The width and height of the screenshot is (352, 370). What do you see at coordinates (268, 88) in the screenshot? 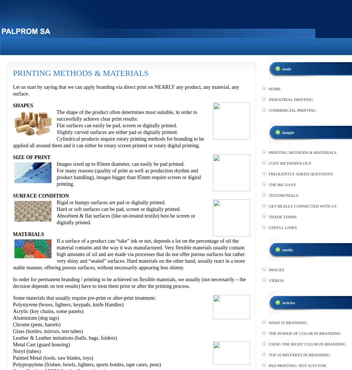
I see `'HOME'` at bounding box center [268, 88].